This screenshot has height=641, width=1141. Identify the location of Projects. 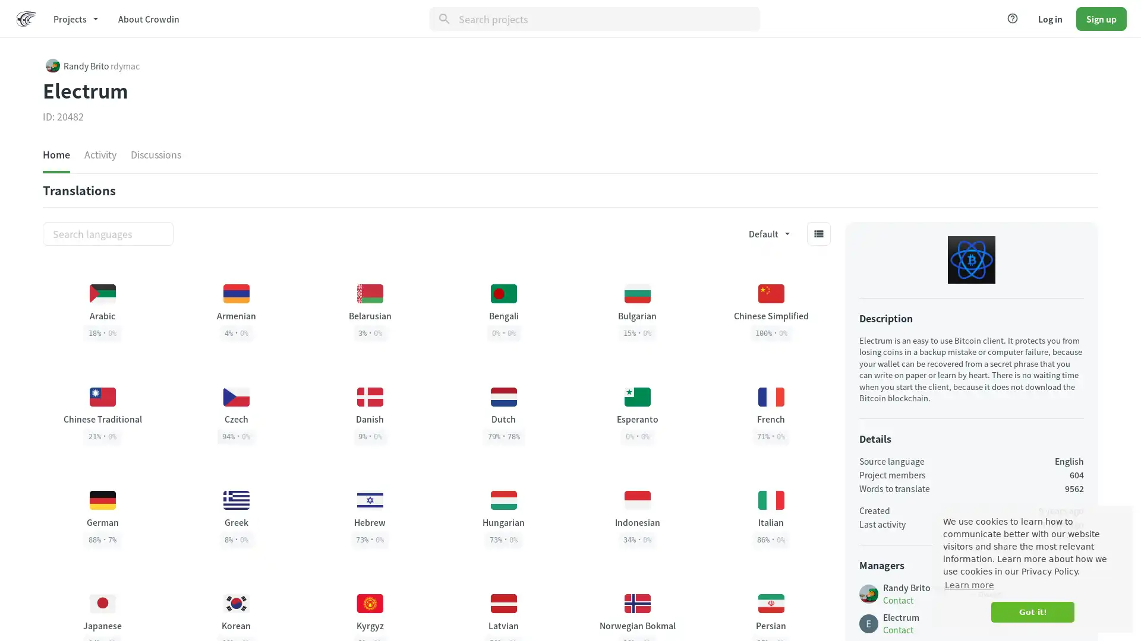
(74, 18).